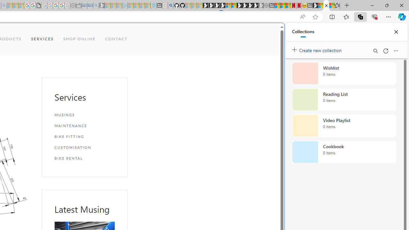 The height and width of the screenshot is (230, 409). I want to click on 'SERVICES', so click(42, 39).